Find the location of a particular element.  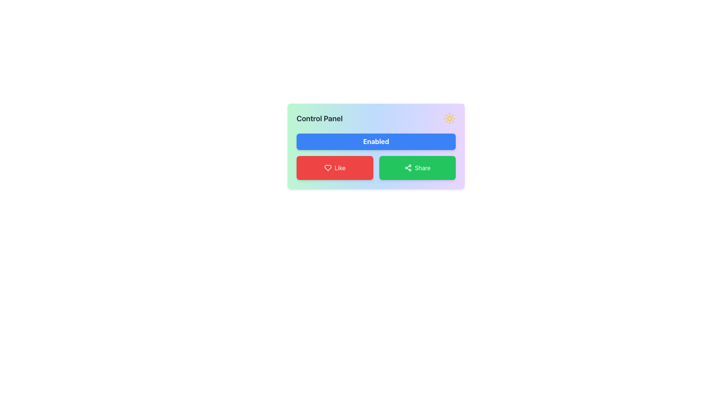

the heart-shaped 'Like' icon located within the red 'Like' button in the Control Panel's lower-left corner, adjacent to the green 'Share' button is located at coordinates (328, 167).